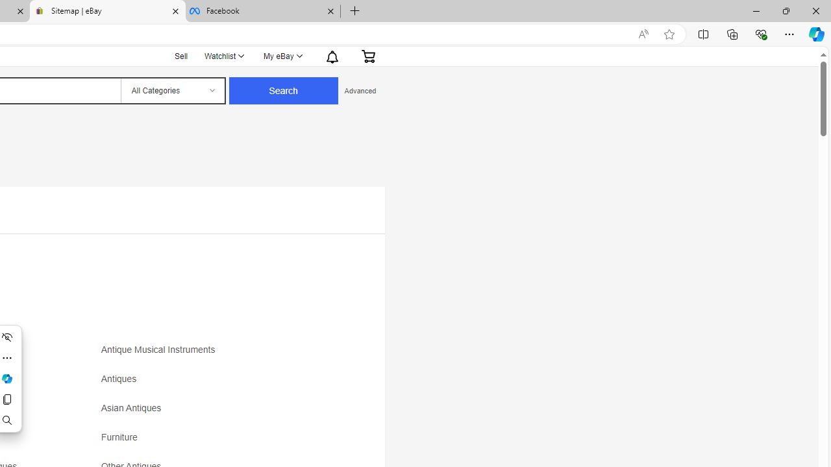 Image resolution: width=831 pixels, height=467 pixels. I want to click on 'Furniture', so click(216, 441).